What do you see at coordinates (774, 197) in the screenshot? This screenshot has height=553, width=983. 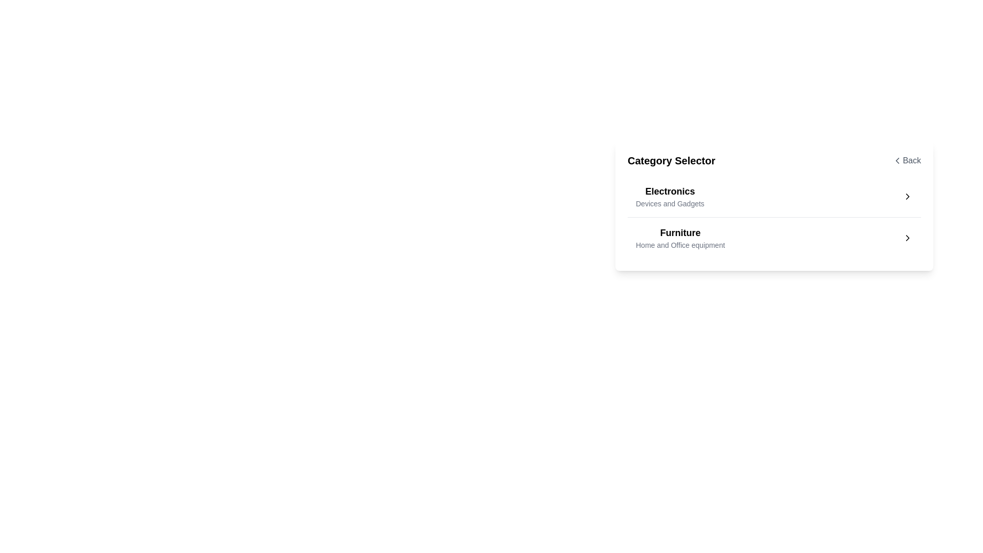 I see `the first list item in the 'Category Selector' titled 'Electronics'` at bounding box center [774, 197].